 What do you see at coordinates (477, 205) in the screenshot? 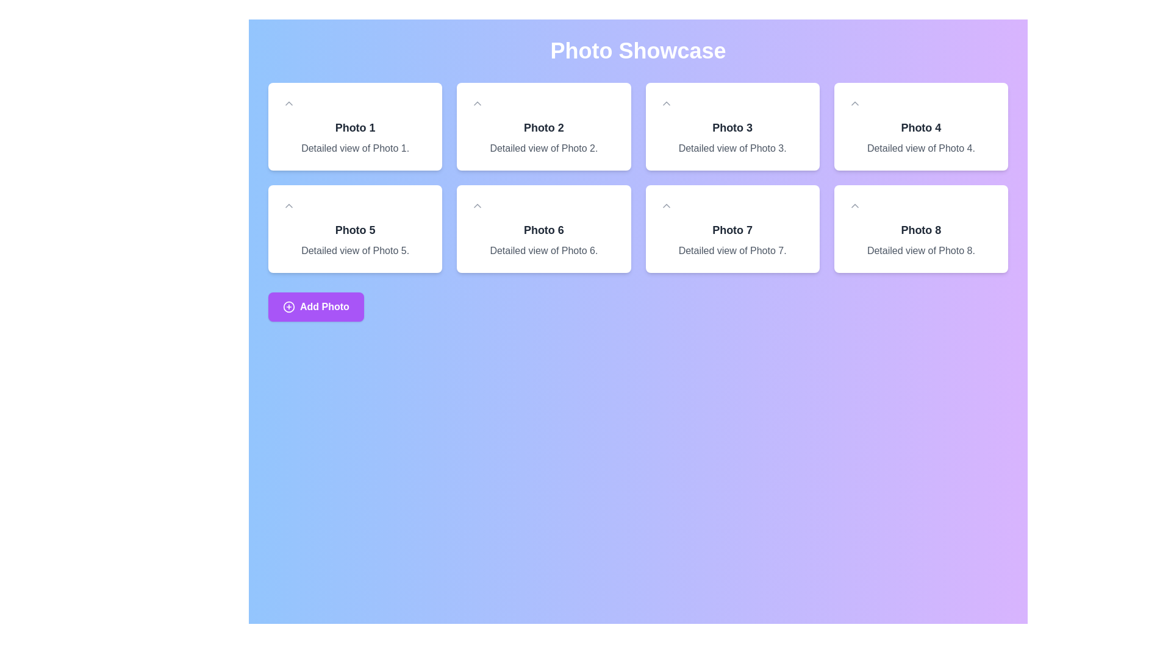
I see `the small upward-pointing gray chevron icon located in the top-left area of the card labeled 'Photo 6' to interact with it` at bounding box center [477, 205].